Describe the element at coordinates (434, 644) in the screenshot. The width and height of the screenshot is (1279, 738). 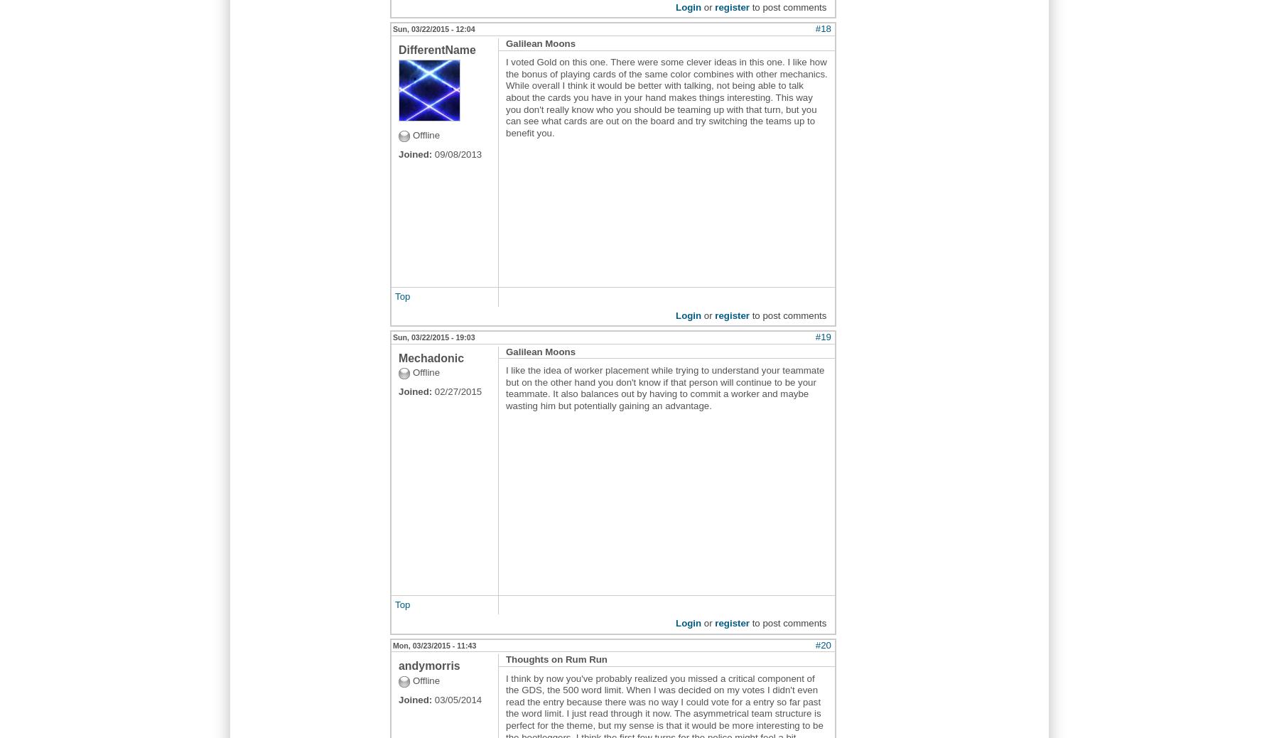
I see `'Mon, 03/23/2015 - 11:43'` at that location.